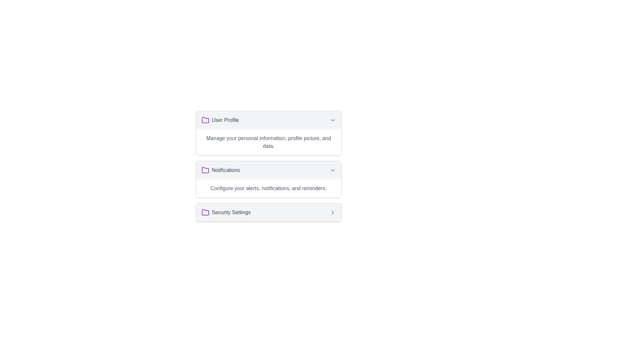 The height and width of the screenshot is (351, 624). I want to click on the 'User Profile' text label, which is styled with a medium-weight font and gray color, located at the top of the first card in a vertical list of cards, adjacent to a purple folder icon, so click(225, 120).